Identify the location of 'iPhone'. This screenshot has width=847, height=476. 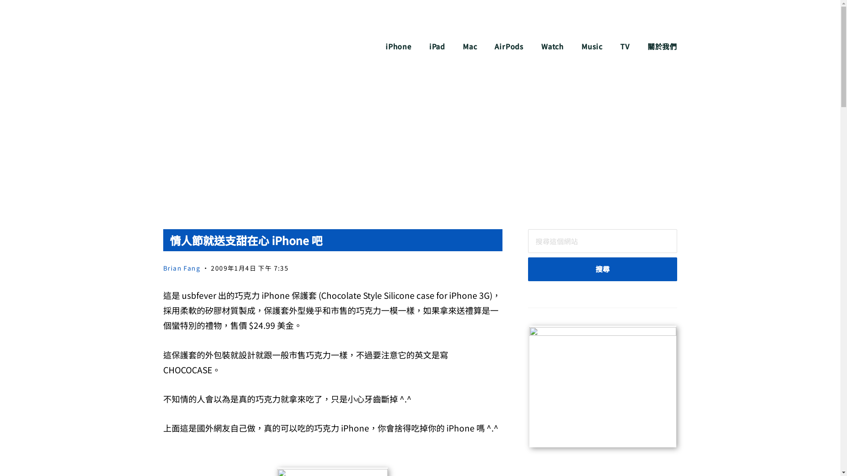
(398, 46).